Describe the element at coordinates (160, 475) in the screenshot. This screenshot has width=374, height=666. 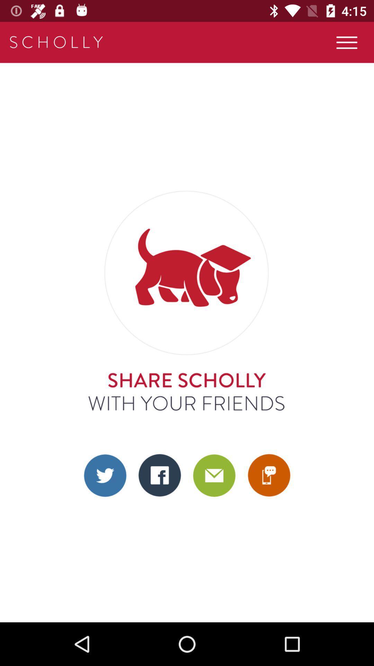
I see `the facebook icon` at that location.